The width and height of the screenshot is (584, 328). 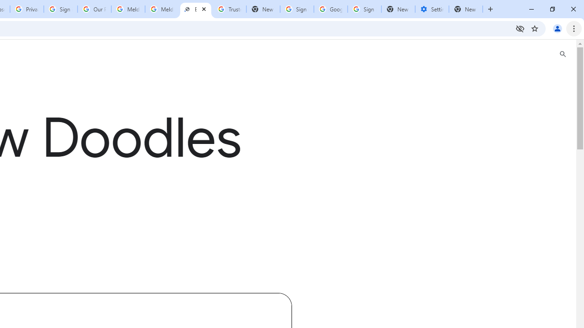 What do you see at coordinates (330, 9) in the screenshot?
I see `'Google Cybersecurity Innovations - Google Safety Center'` at bounding box center [330, 9].